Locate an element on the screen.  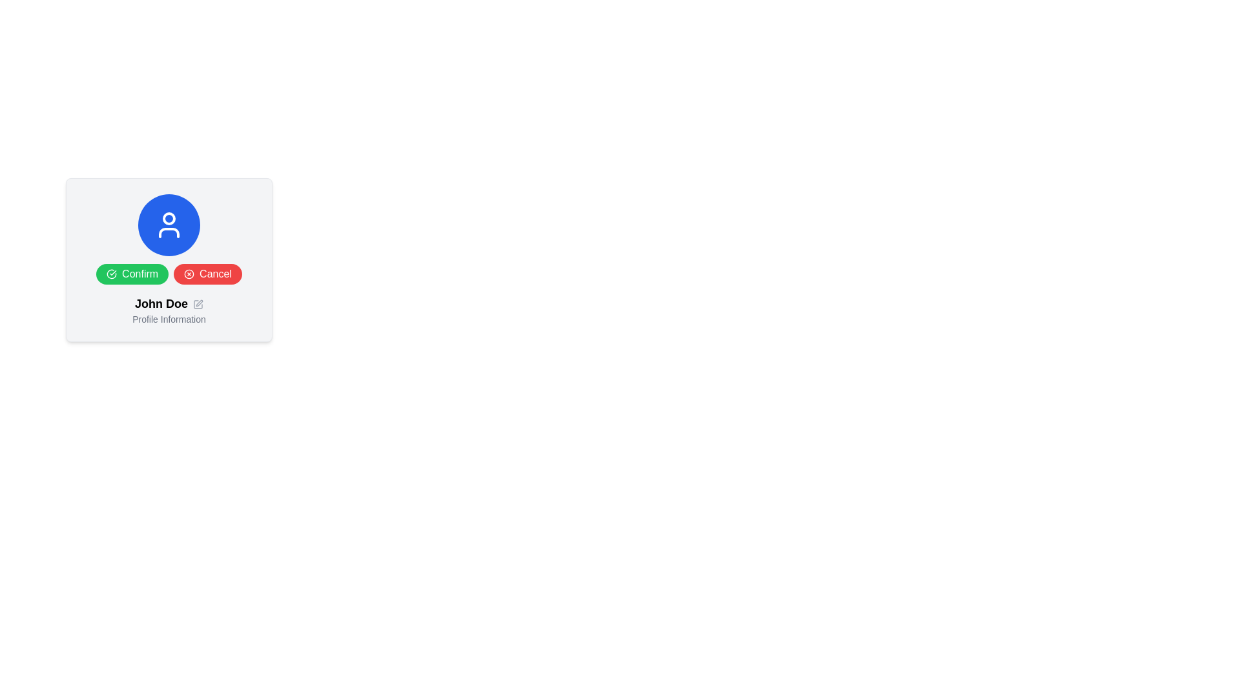
the user profile icon located at the top center of the UI panel, above the 'Confirm' and 'Cancel' buttons is located at coordinates (169, 224).